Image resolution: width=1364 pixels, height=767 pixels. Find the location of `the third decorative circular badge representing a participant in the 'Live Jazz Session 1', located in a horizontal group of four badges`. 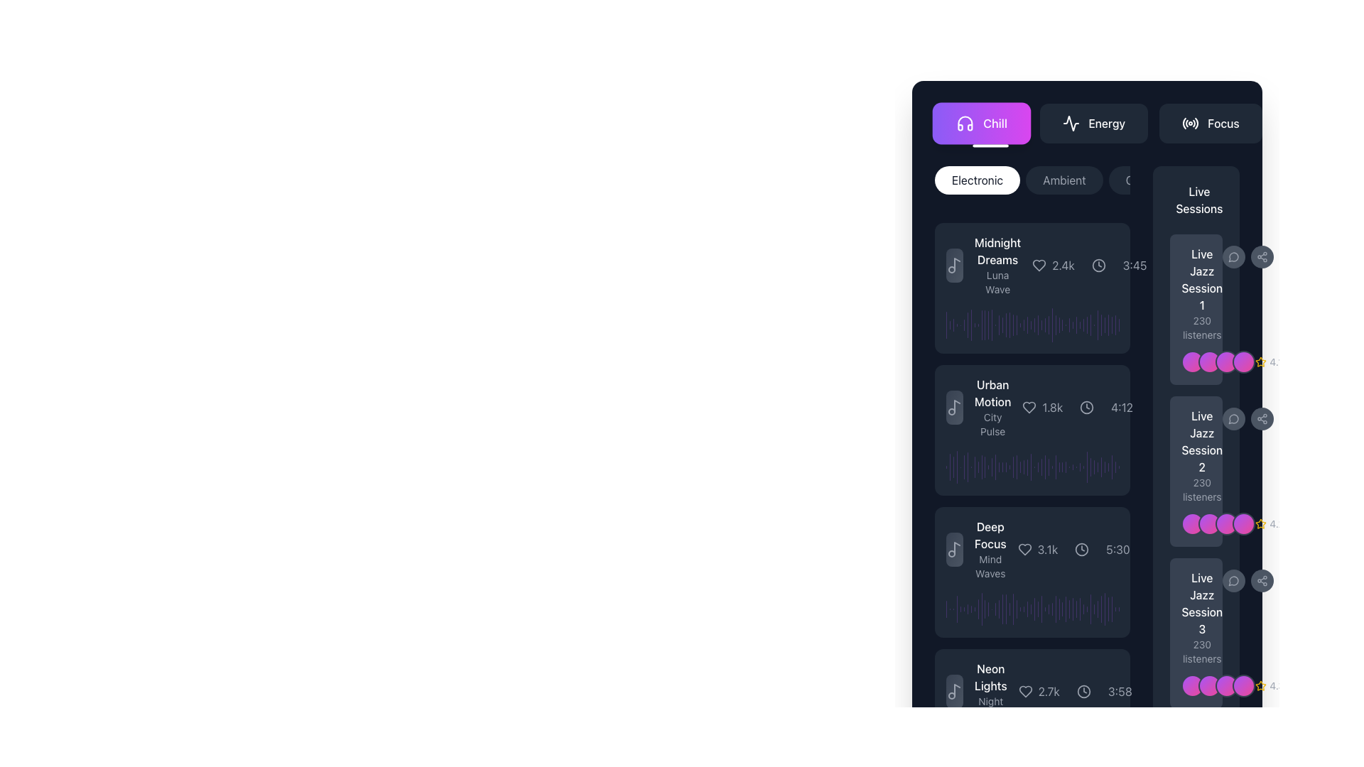

the third decorative circular badge representing a participant in the 'Live Jazz Session 1', located in a horizontal group of four badges is located at coordinates (1226, 361).